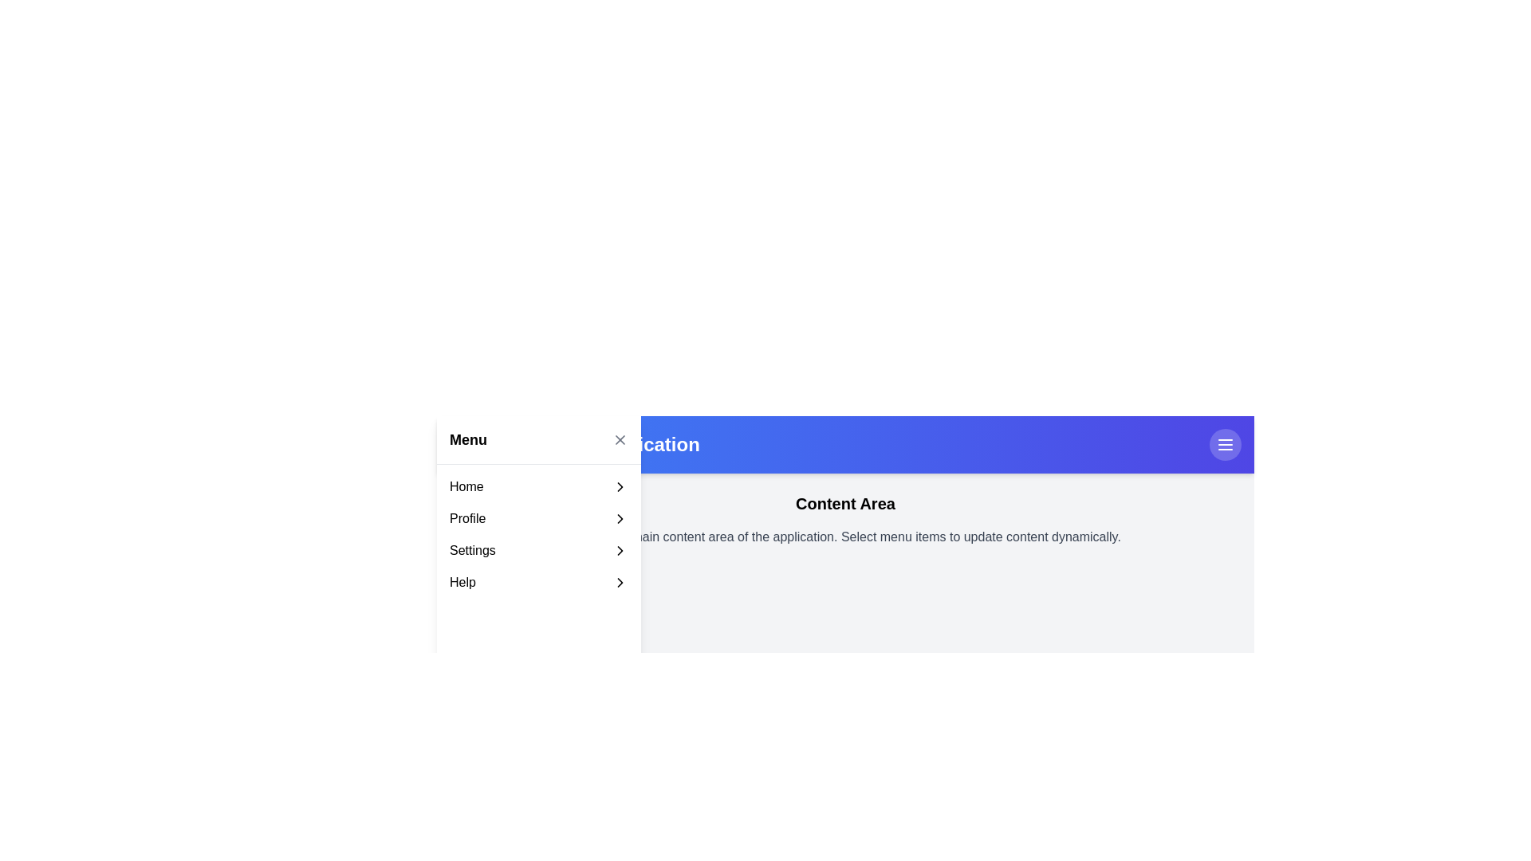 Image resolution: width=1531 pixels, height=861 pixels. What do you see at coordinates (467, 439) in the screenshot?
I see `the static text label that serves as a header for the navigation menu, located at the top-left section of the viewport` at bounding box center [467, 439].